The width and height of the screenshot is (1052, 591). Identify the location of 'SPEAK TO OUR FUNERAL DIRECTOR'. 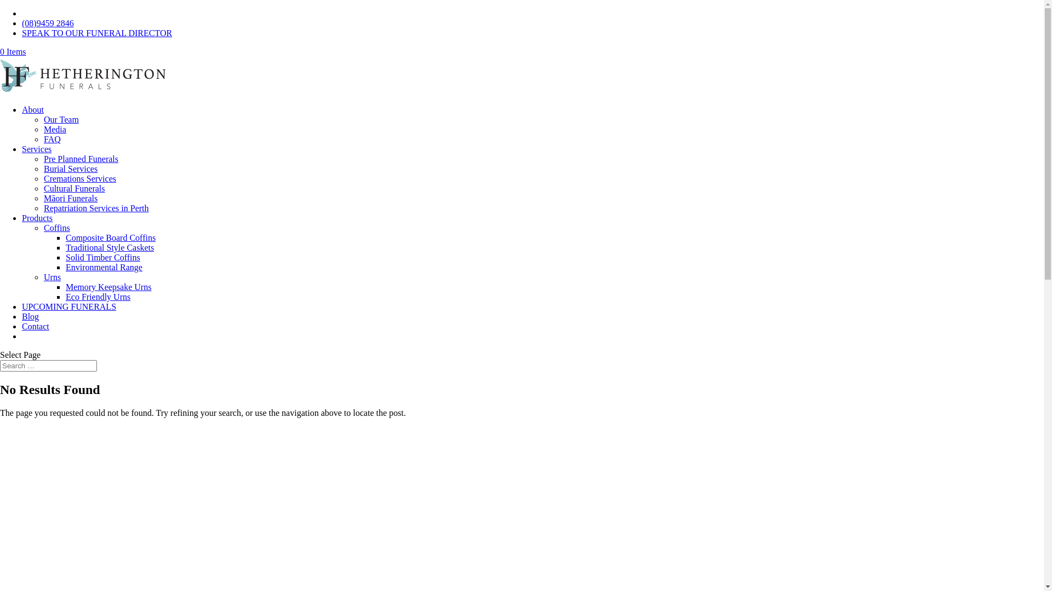
(97, 32).